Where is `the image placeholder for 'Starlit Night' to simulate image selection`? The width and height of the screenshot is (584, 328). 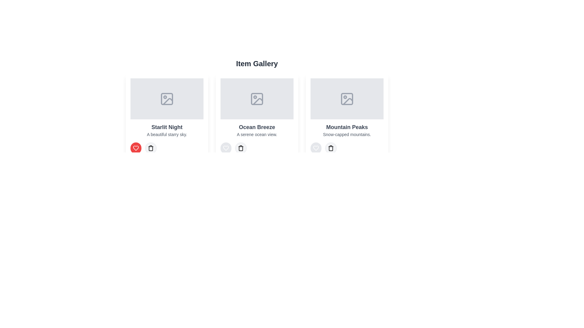
the image placeholder for 'Starlit Night' to simulate image selection is located at coordinates (167, 98).